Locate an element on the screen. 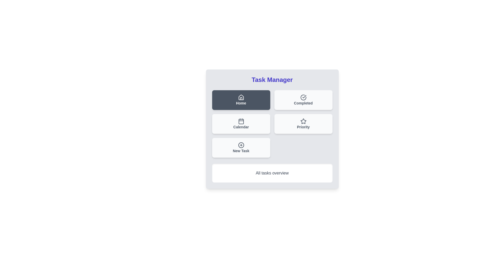 This screenshot has width=498, height=280. the star icon within the 'Priority' button located in the second row, second column of the 'Task Manager' UI to interact with it is located at coordinates (303, 121).